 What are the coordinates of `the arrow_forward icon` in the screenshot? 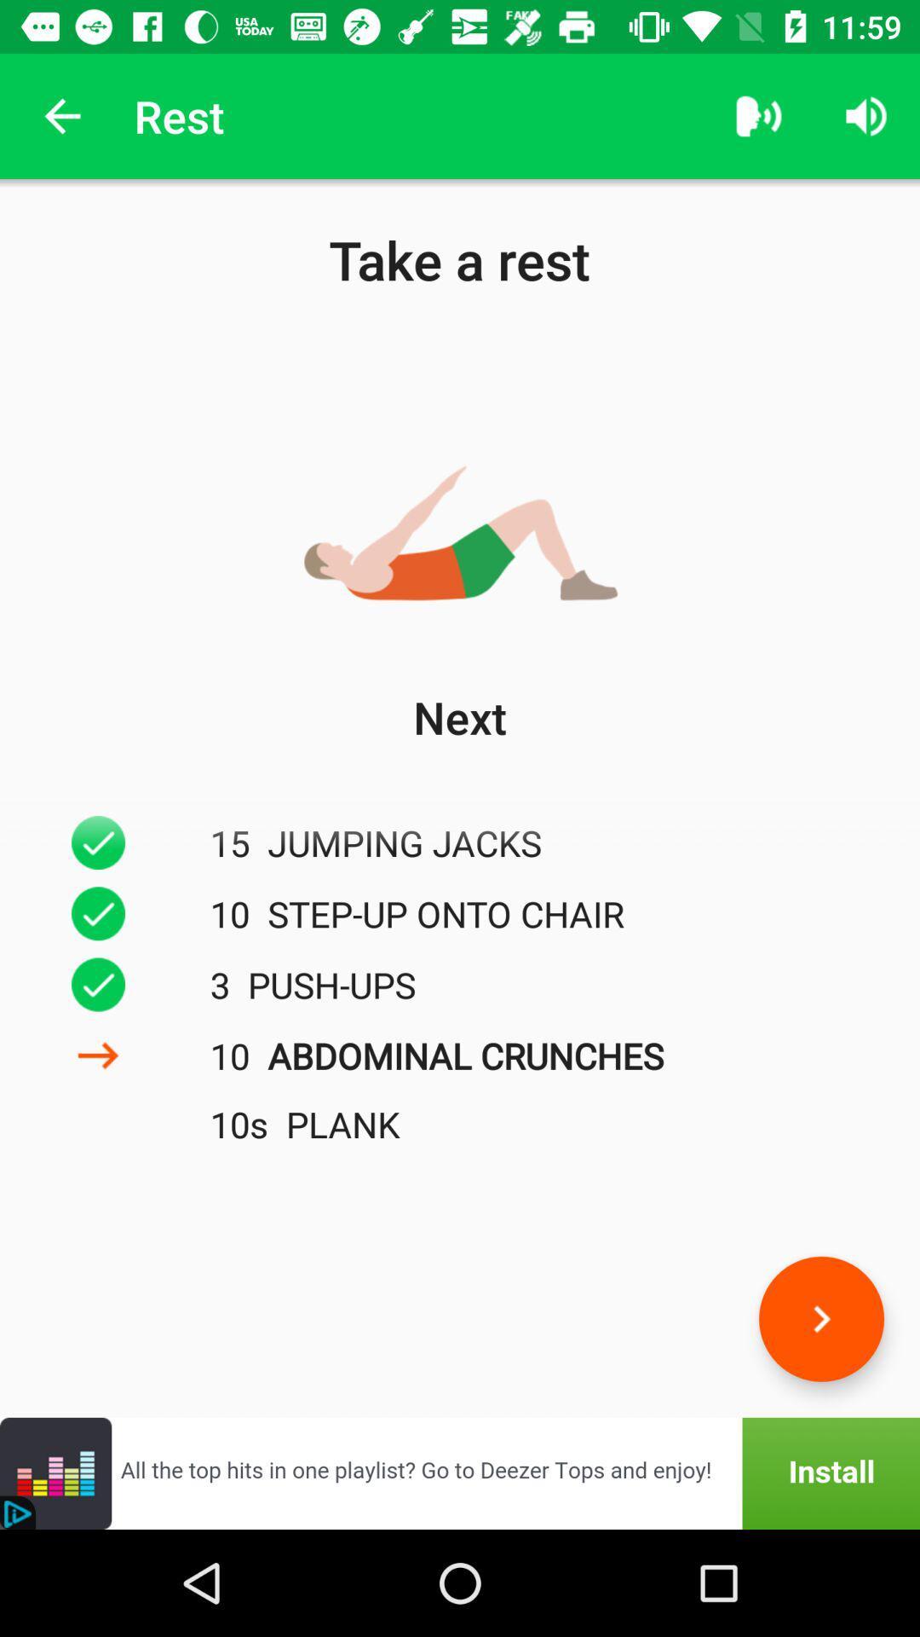 It's located at (820, 1318).